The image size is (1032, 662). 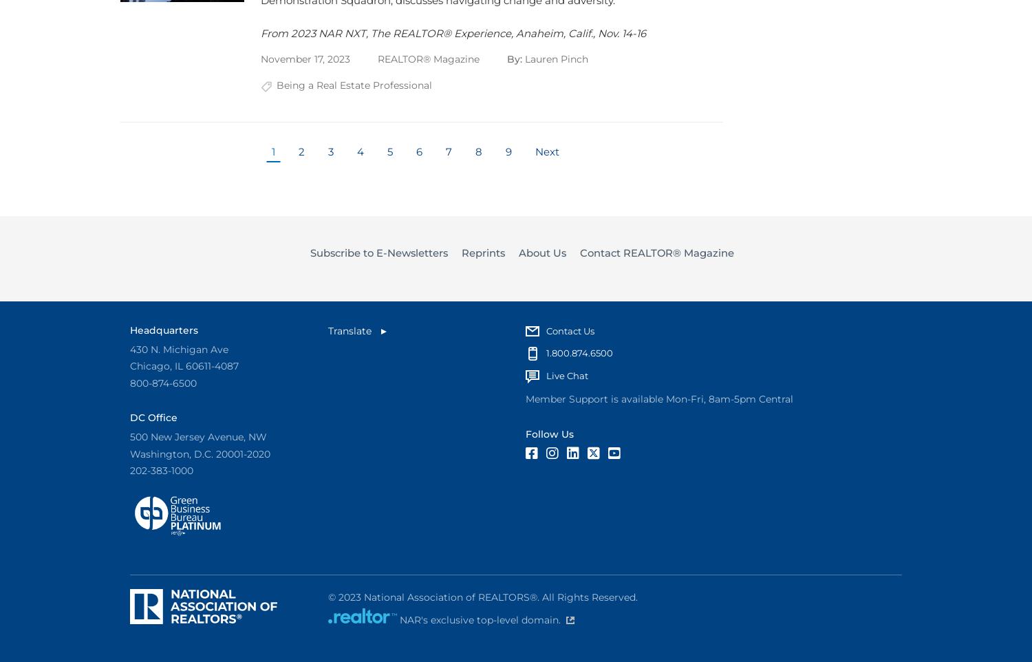 I want to click on 'Live Chat', so click(x=546, y=376).